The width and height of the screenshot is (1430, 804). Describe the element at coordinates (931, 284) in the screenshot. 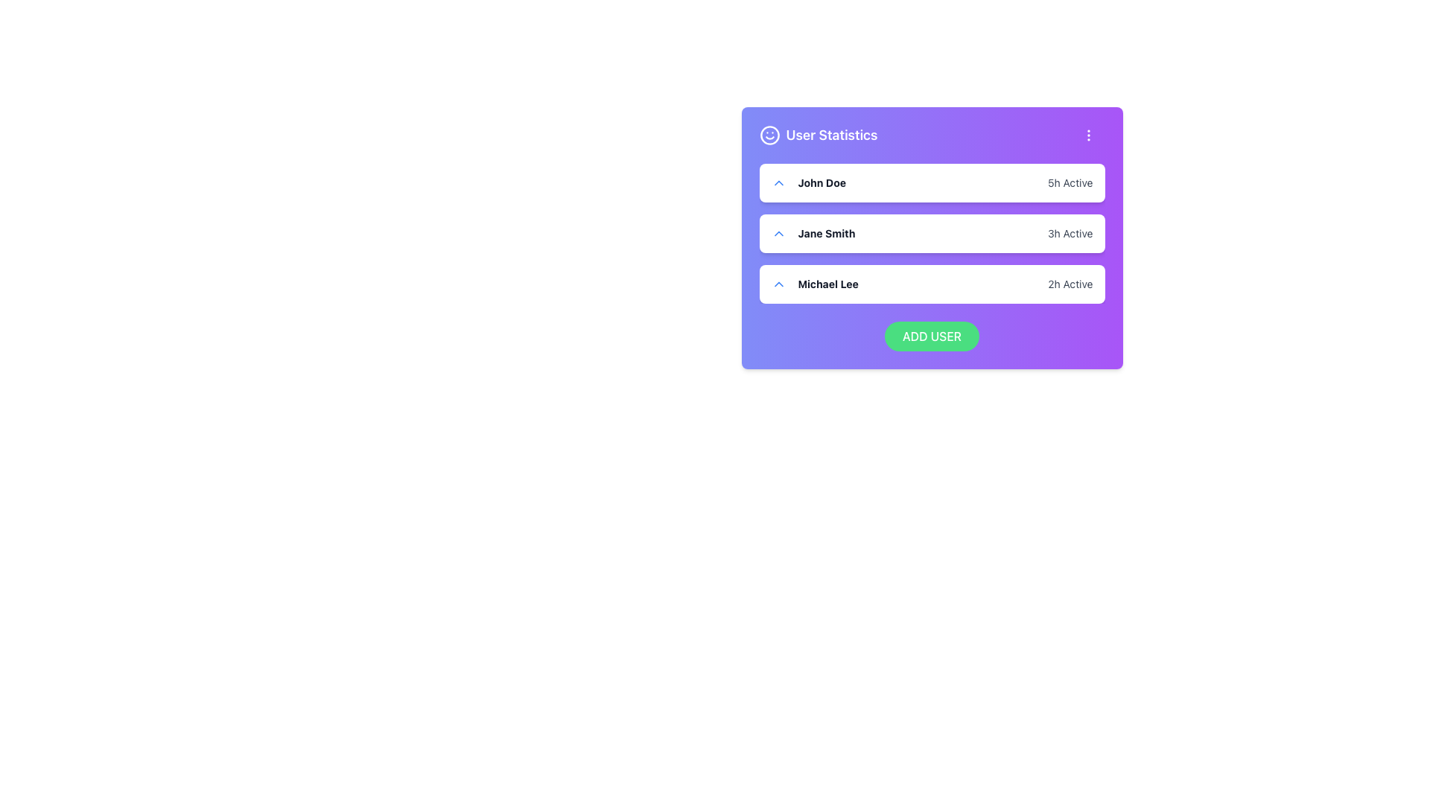

I see `the third list item element displaying user information within a card-like structure, which includes user status updates` at that location.